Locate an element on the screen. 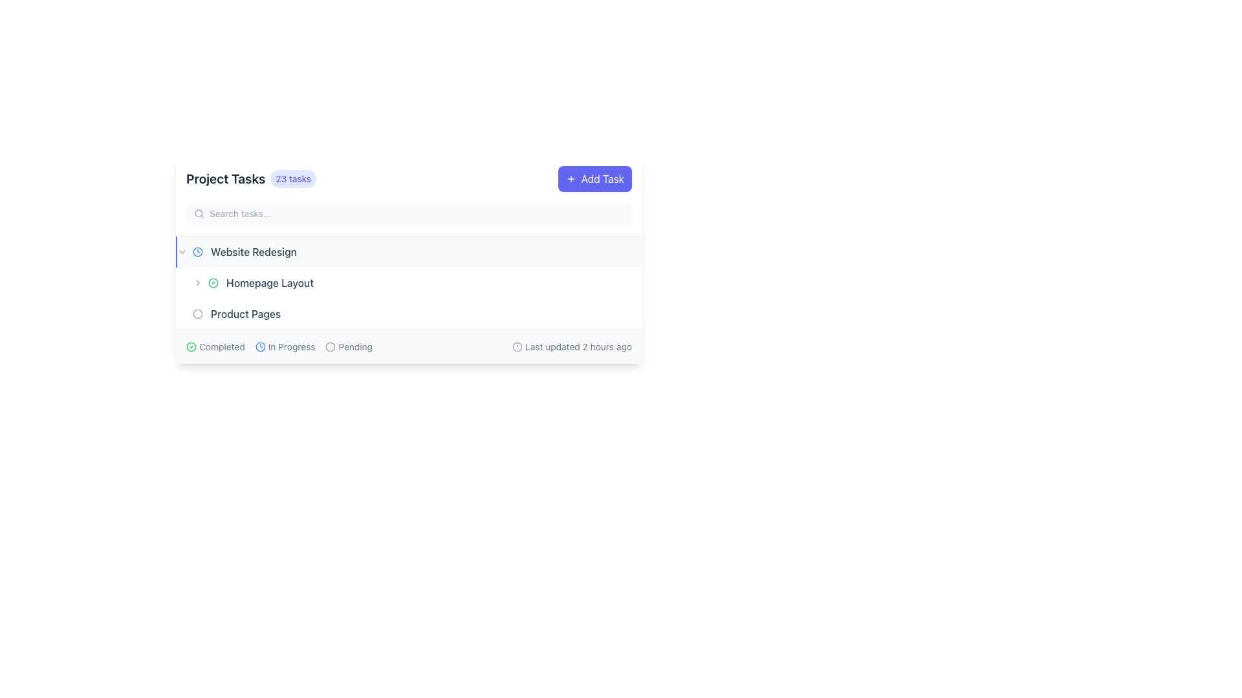  the text label displaying '23 tasks' with a rounded light indigo background, which is positioned immediately to the right of 'Project Tasks' is located at coordinates (292, 179).